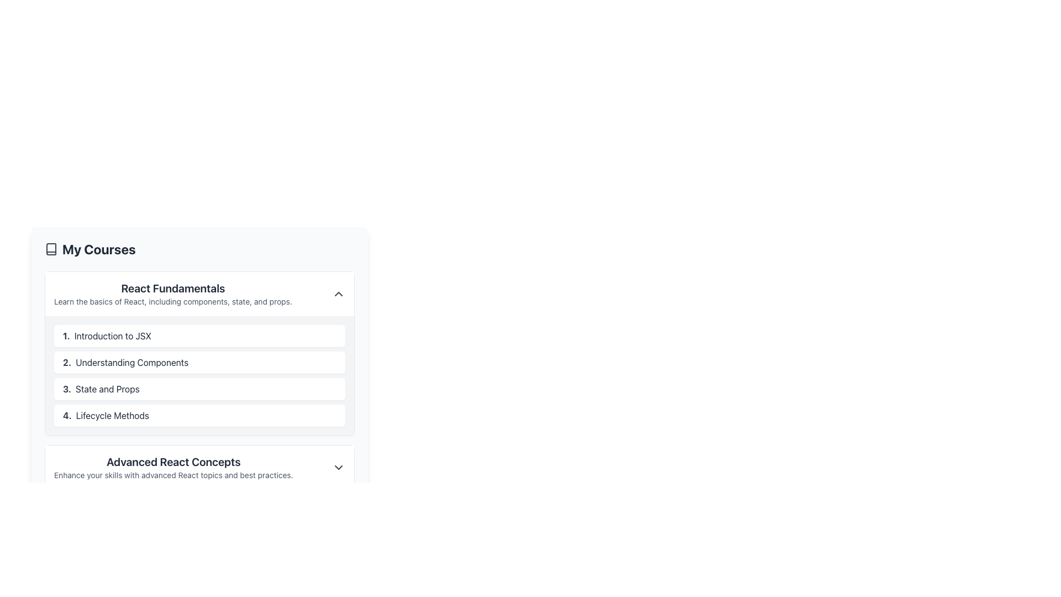 This screenshot has height=597, width=1061. Describe the element at coordinates (199, 294) in the screenshot. I see `the Dropdown Header titled 'React Fundamentals'` at that location.